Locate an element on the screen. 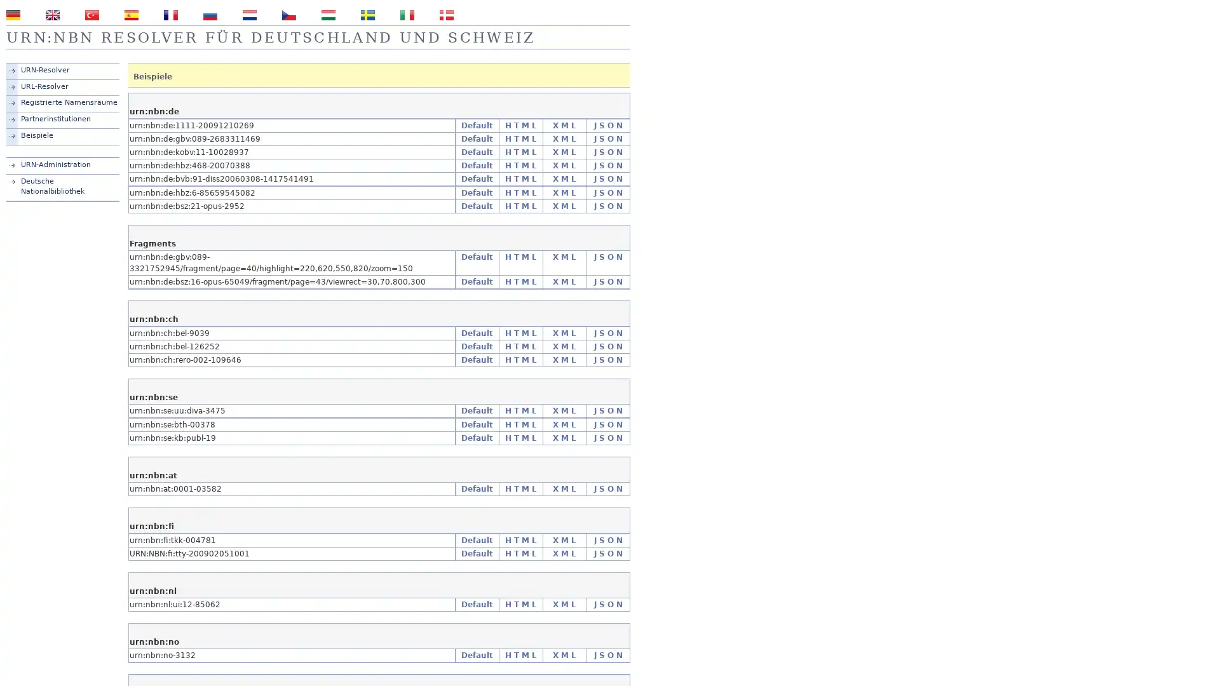  se is located at coordinates (367, 15).